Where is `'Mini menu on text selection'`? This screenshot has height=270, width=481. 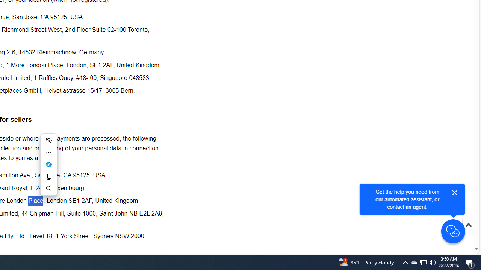 'Mini menu on text selection' is located at coordinates (48, 169).